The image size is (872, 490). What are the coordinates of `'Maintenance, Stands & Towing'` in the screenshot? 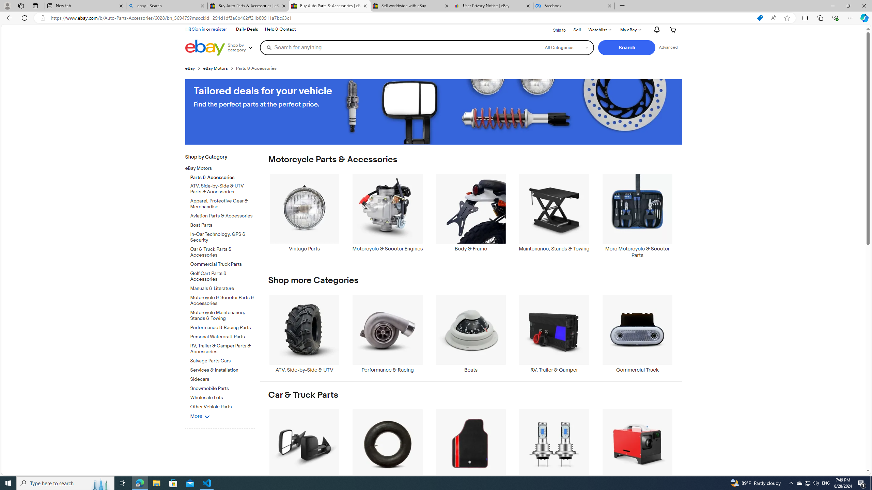 It's located at (554, 216).